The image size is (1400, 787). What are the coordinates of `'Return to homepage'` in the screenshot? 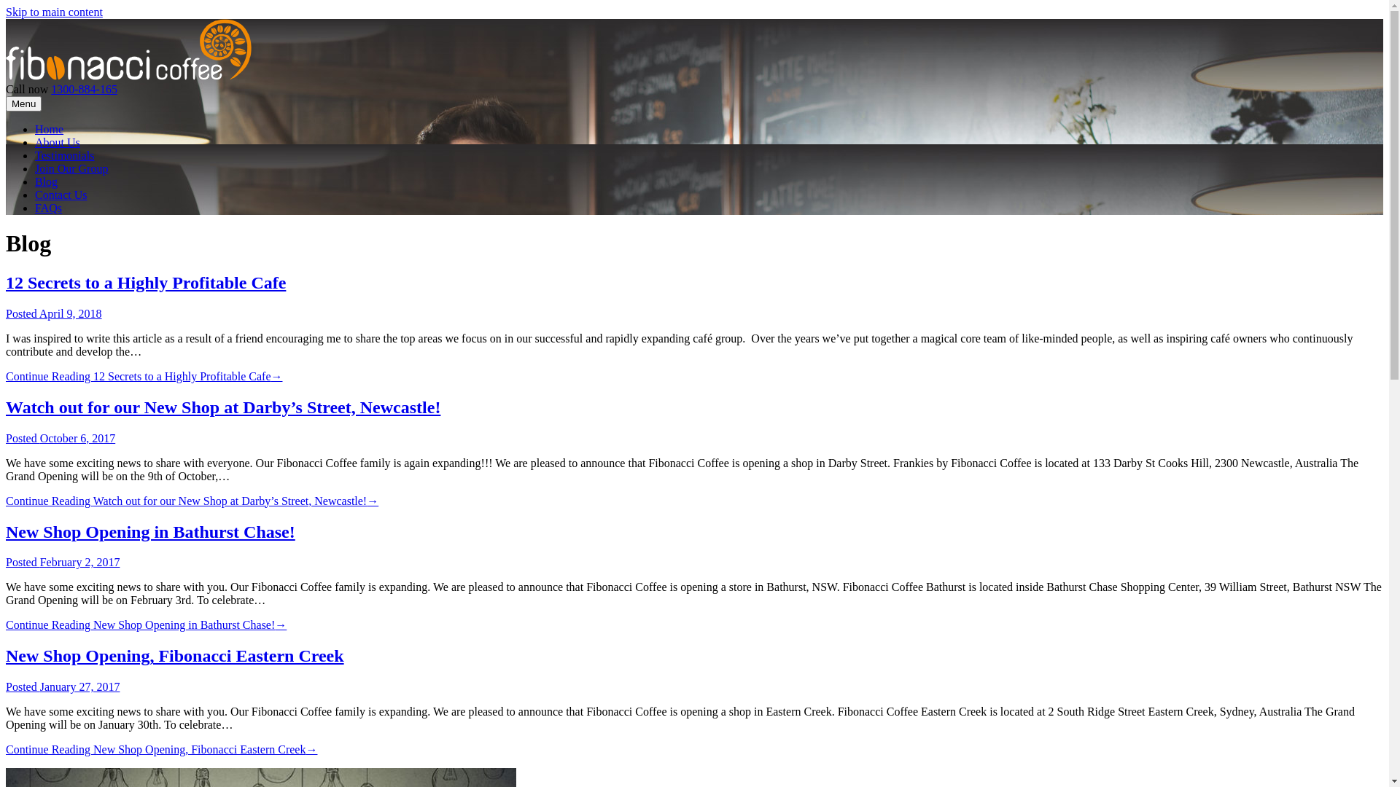 It's located at (128, 76).